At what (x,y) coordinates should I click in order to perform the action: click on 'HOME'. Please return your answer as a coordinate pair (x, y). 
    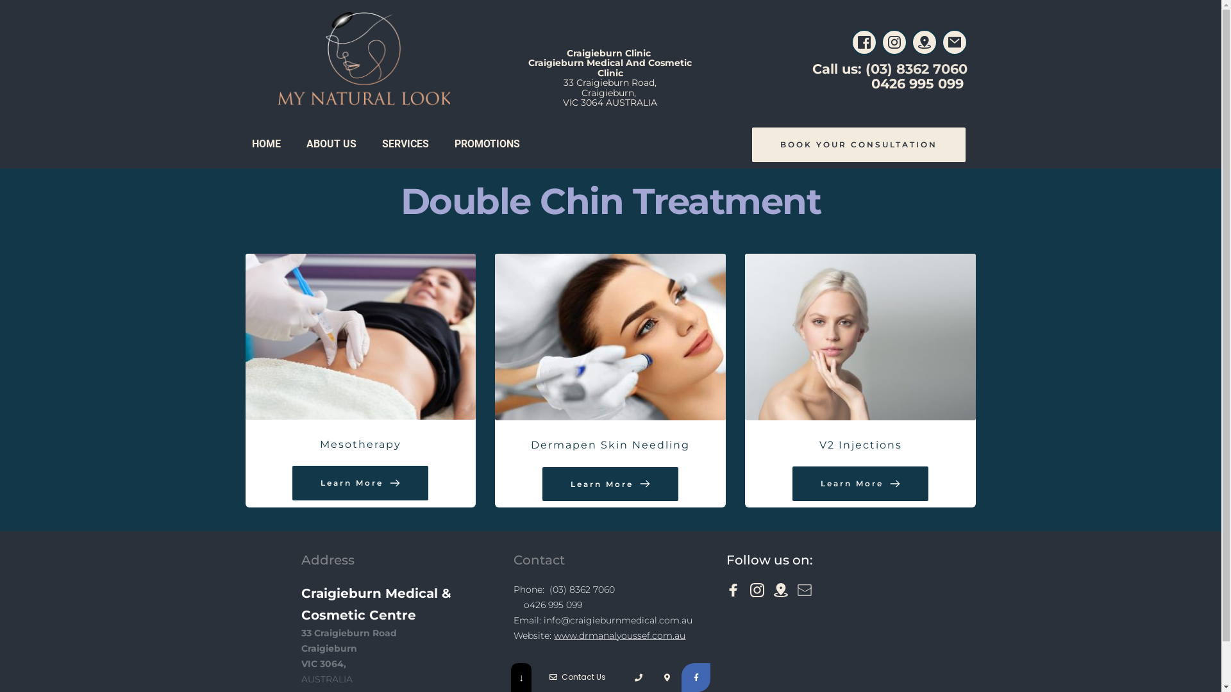
    Looking at the image, I should click on (265, 144).